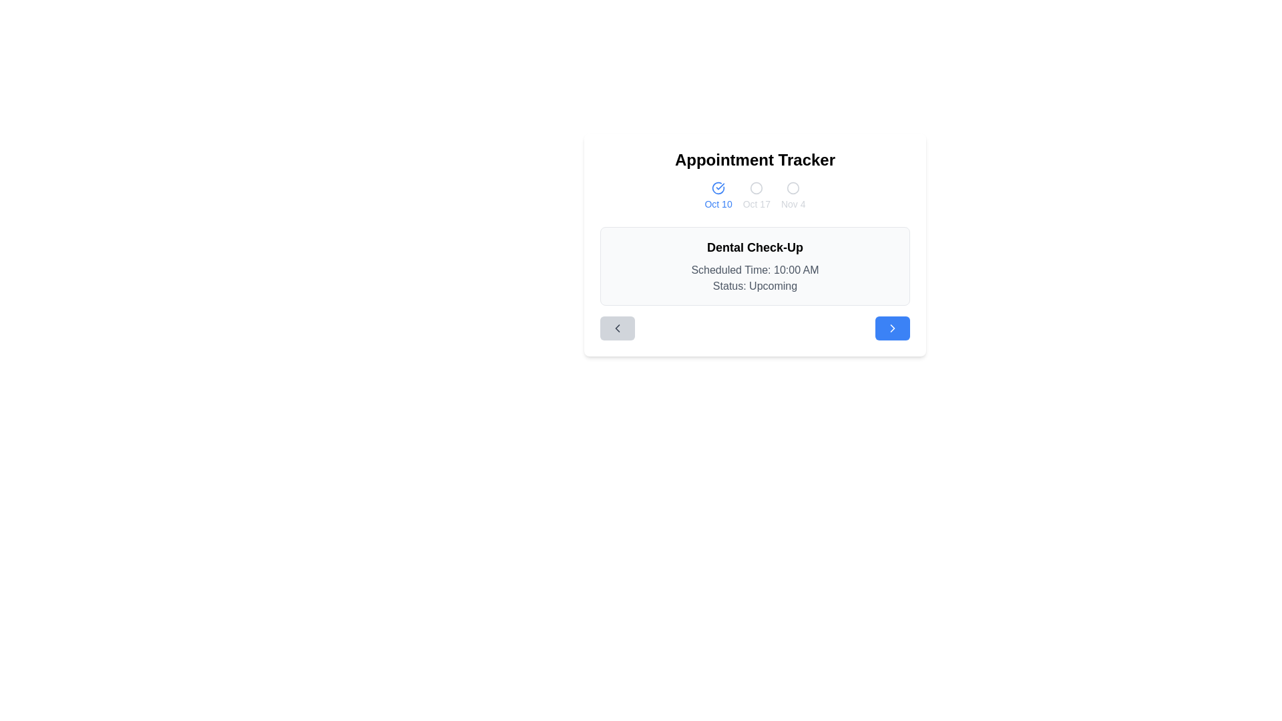  What do you see at coordinates (755, 270) in the screenshot?
I see `the static text label that displays the scheduled time for the appointment, which is positioned between 'Dental Check-Up' and 'Status: Upcoming'` at bounding box center [755, 270].